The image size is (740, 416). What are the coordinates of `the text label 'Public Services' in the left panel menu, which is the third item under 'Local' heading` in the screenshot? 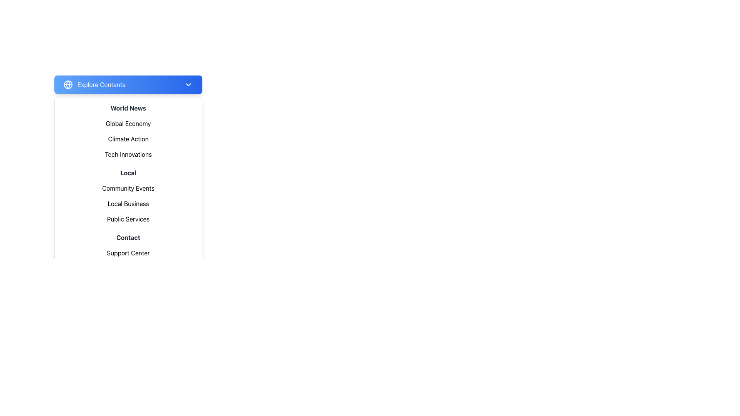 It's located at (128, 219).